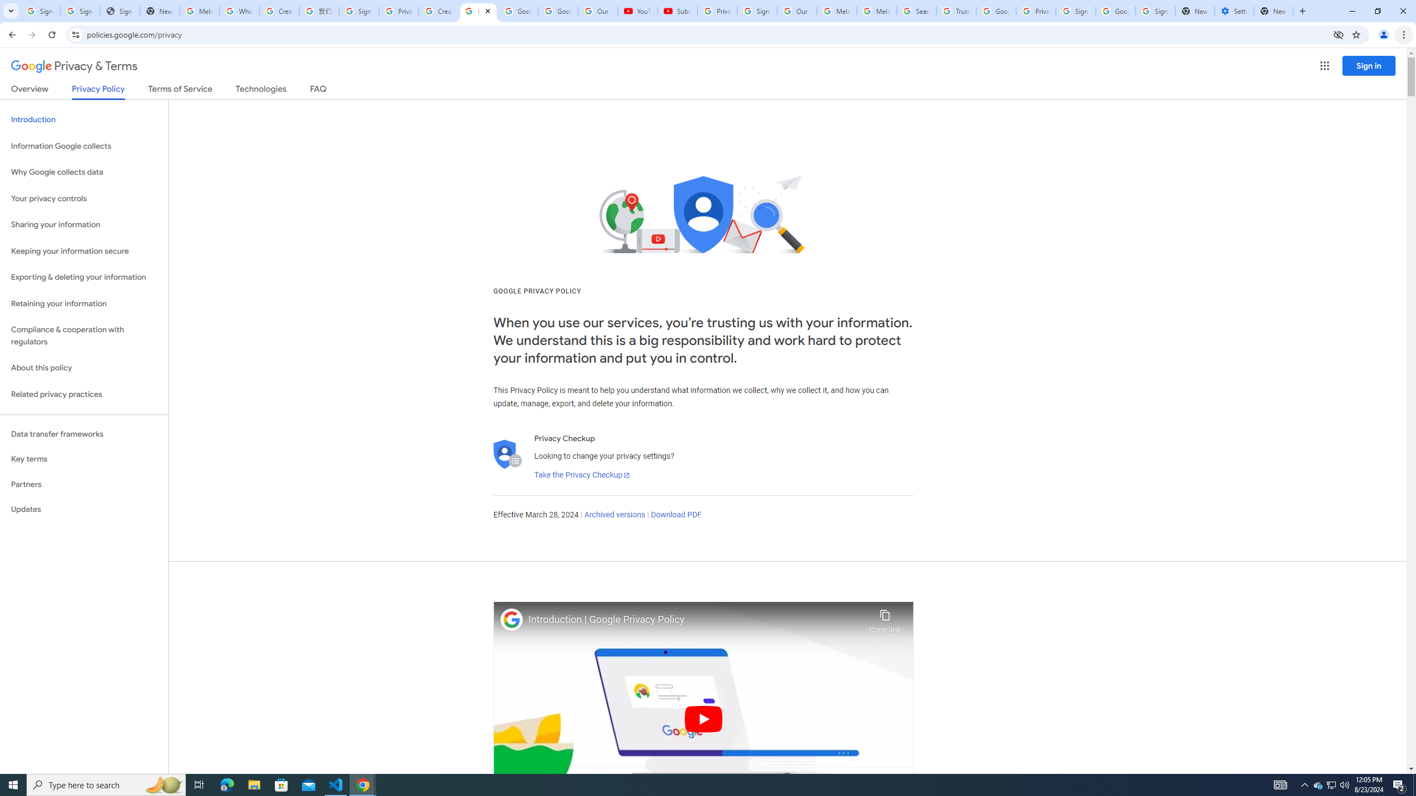 Image resolution: width=1416 pixels, height=796 pixels. Describe the element at coordinates (581, 474) in the screenshot. I see `'Take the Privacy Checkup'` at that location.